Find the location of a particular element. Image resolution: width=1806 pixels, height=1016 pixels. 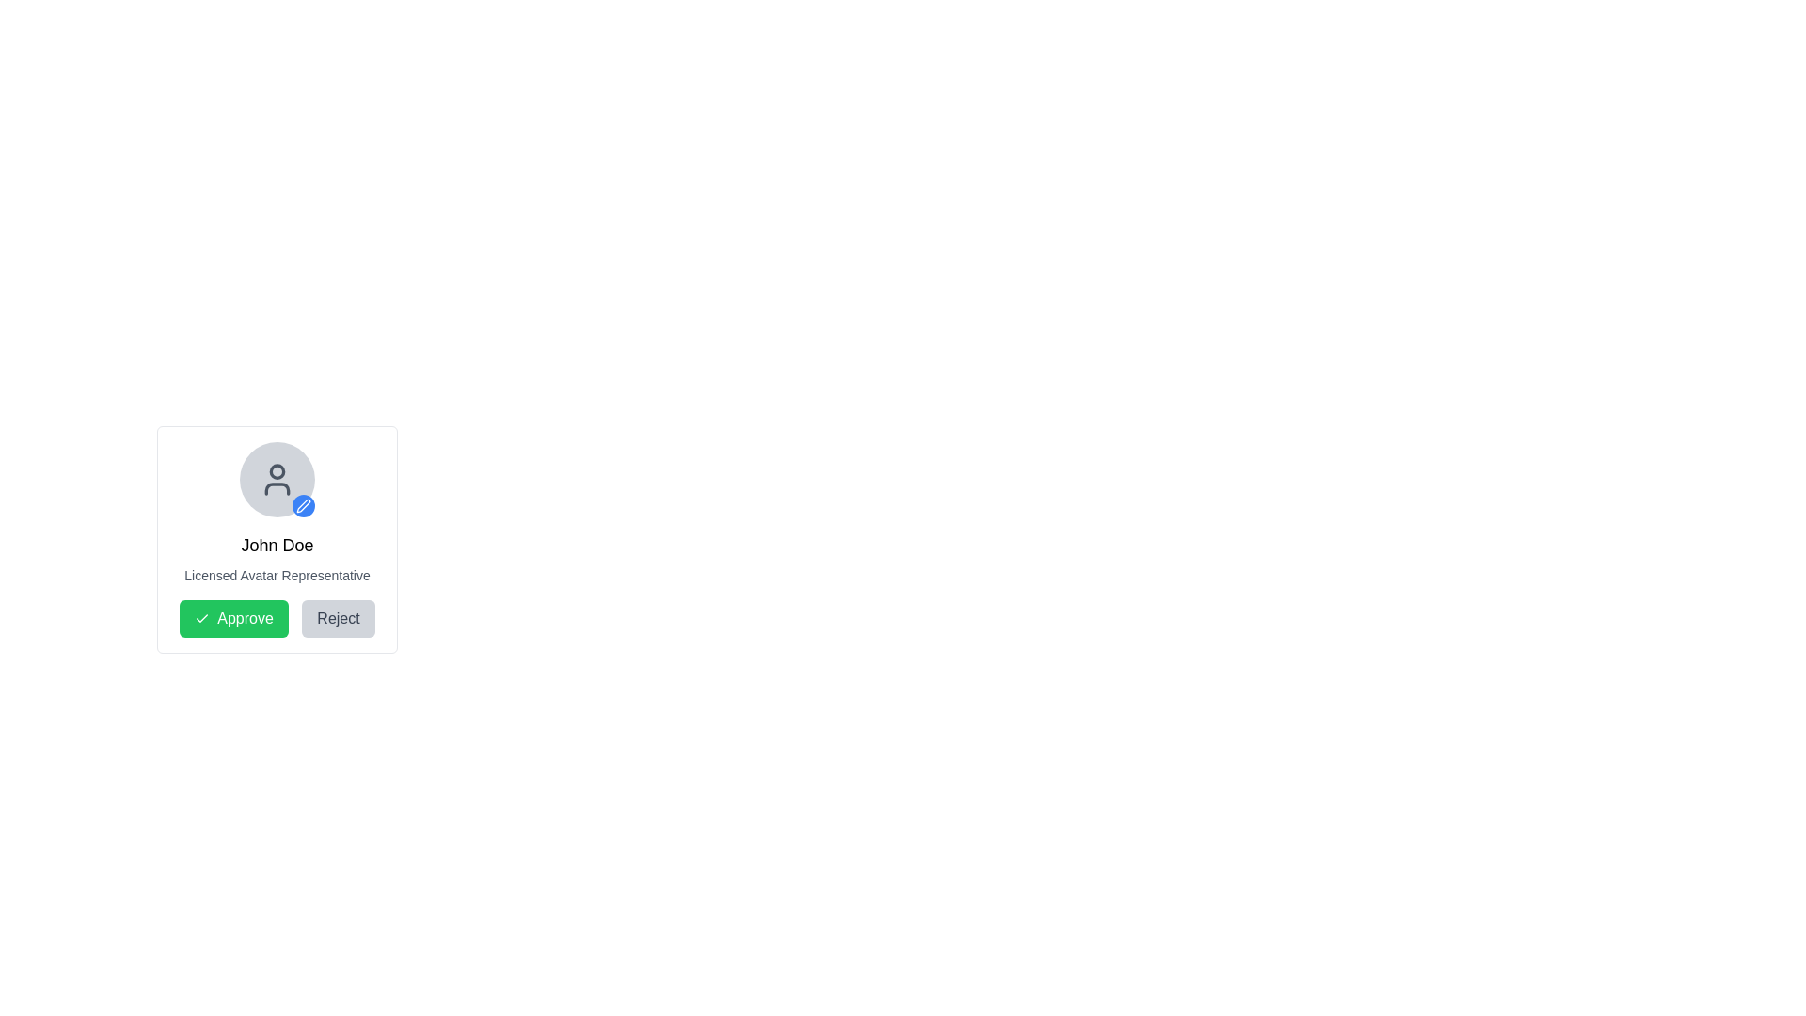

the stylized blue pen icon located near the bottom-right corner of the user's profile avatar to initiate an edit action is located at coordinates (302, 503).